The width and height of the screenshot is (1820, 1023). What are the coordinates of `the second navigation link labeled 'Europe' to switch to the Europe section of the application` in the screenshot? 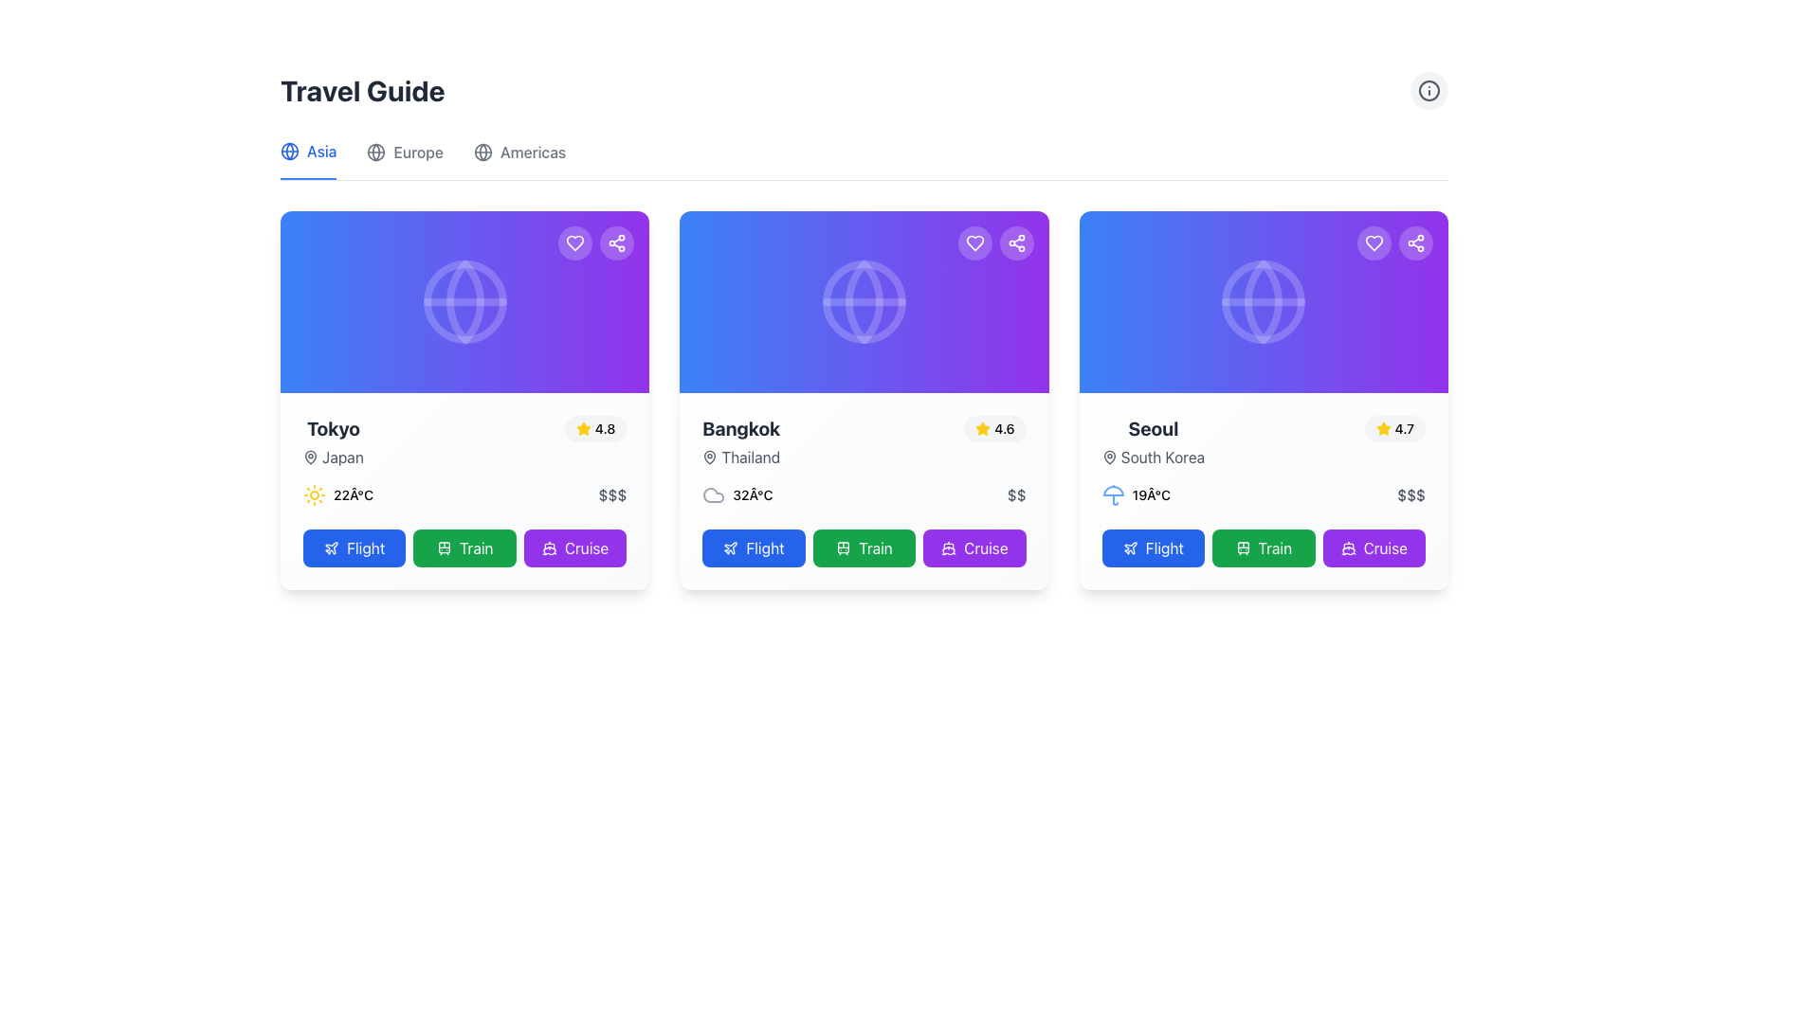 It's located at (404, 159).